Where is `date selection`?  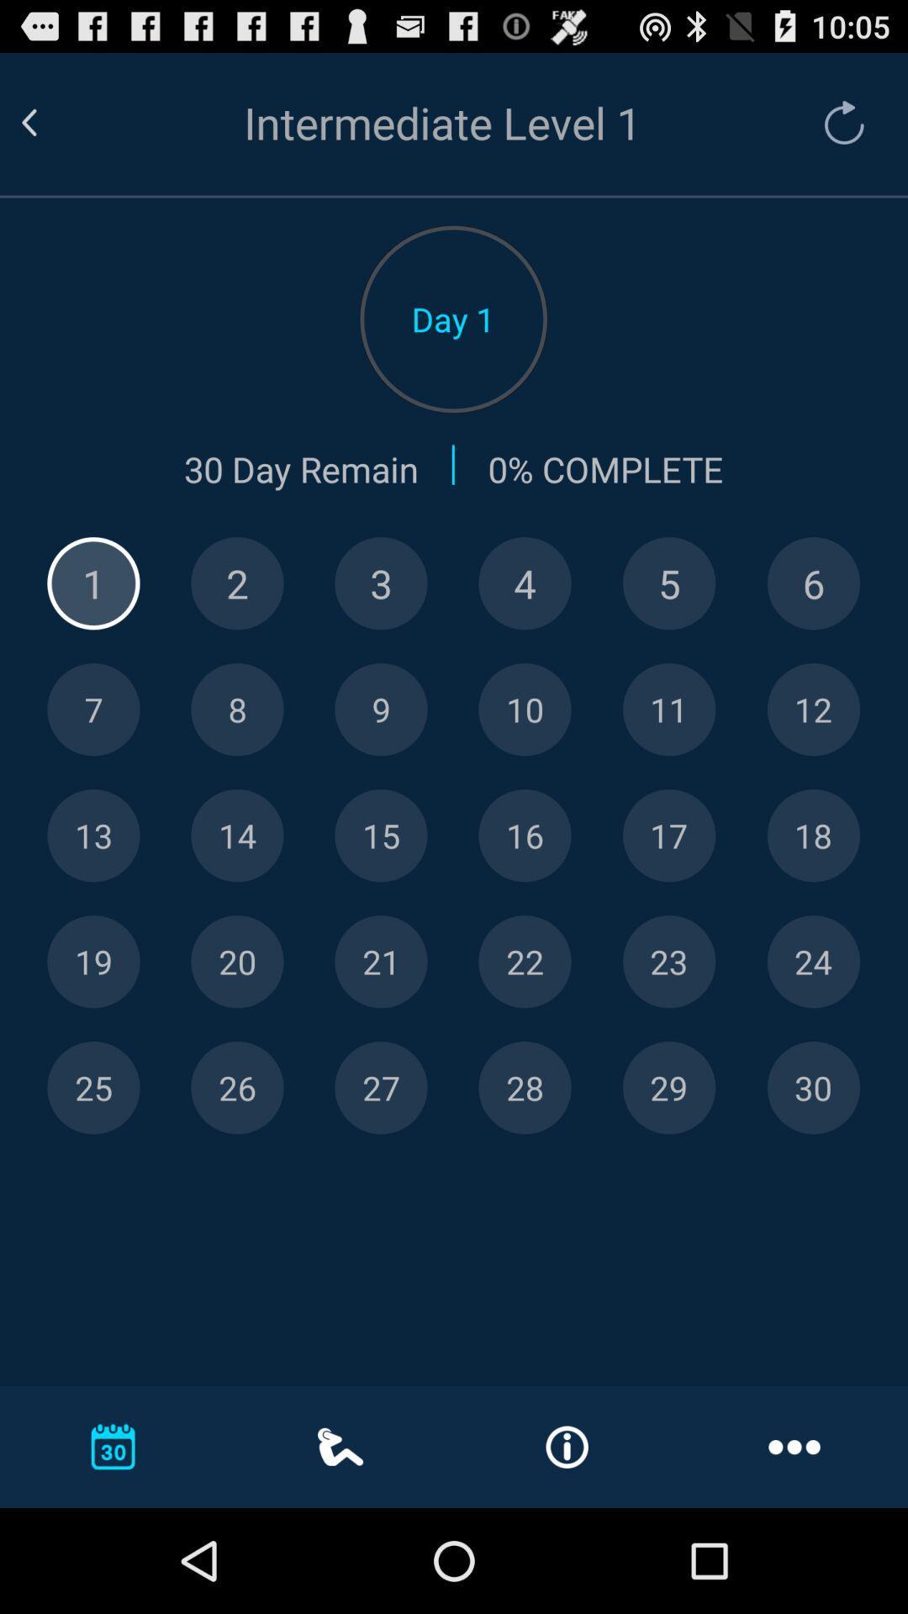 date selection is located at coordinates (381, 583).